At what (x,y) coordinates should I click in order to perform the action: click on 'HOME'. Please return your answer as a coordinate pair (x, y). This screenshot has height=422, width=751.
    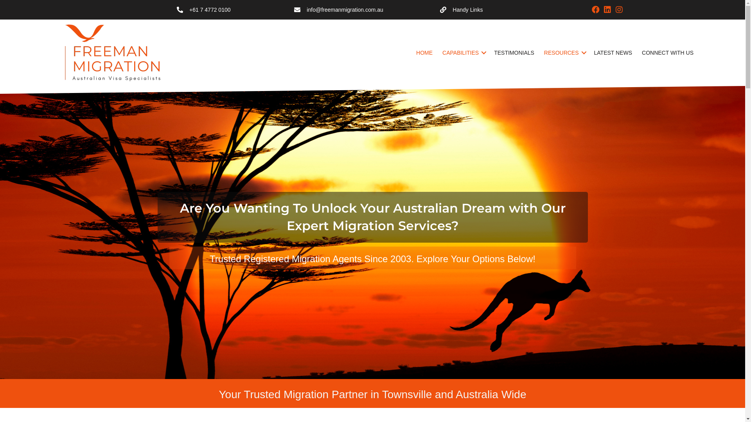
    Looking at the image, I should click on (424, 53).